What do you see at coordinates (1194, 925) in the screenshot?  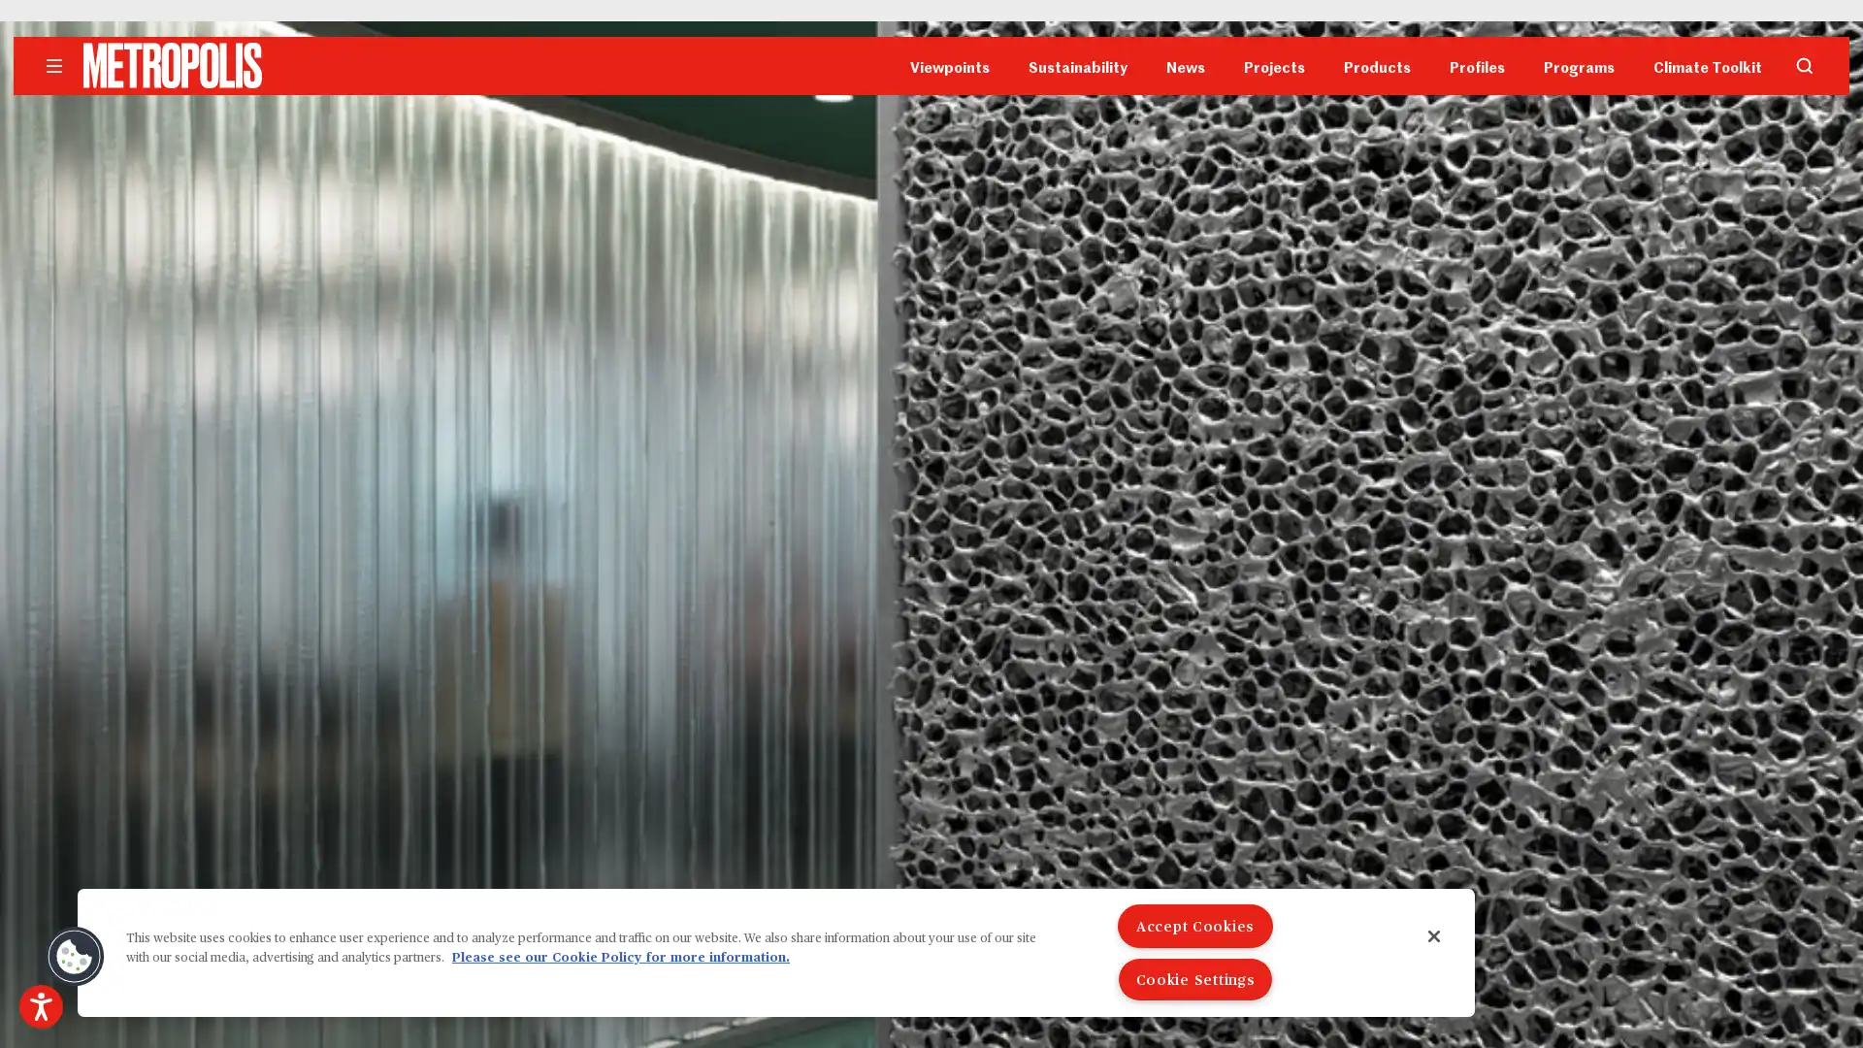 I see `Accept Cookies` at bounding box center [1194, 925].